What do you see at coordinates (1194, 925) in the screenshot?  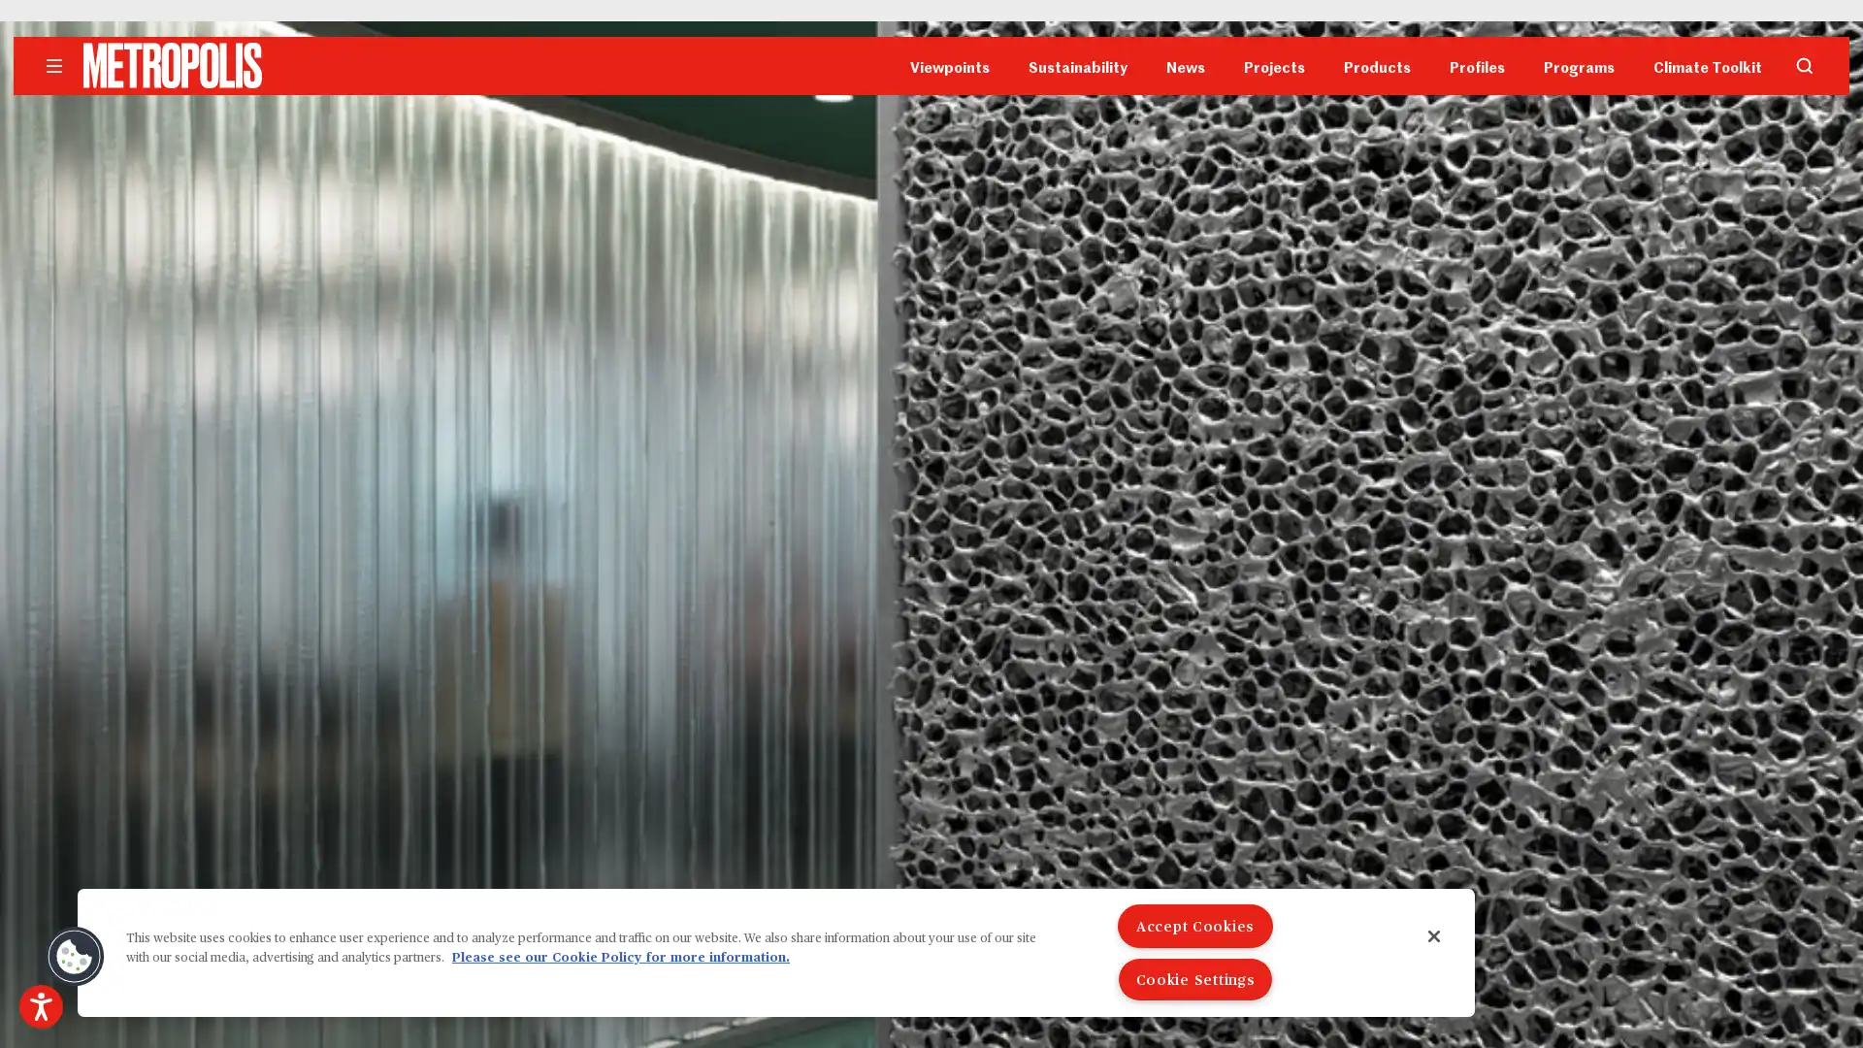 I see `Accept Cookies` at bounding box center [1194, 925].